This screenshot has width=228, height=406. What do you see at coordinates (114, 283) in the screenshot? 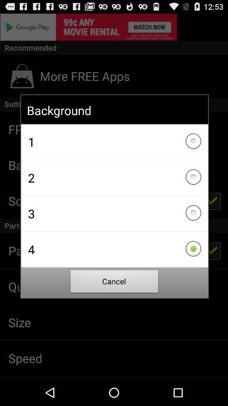
I see `the item below 4 item` at bounding box center [114, 283].